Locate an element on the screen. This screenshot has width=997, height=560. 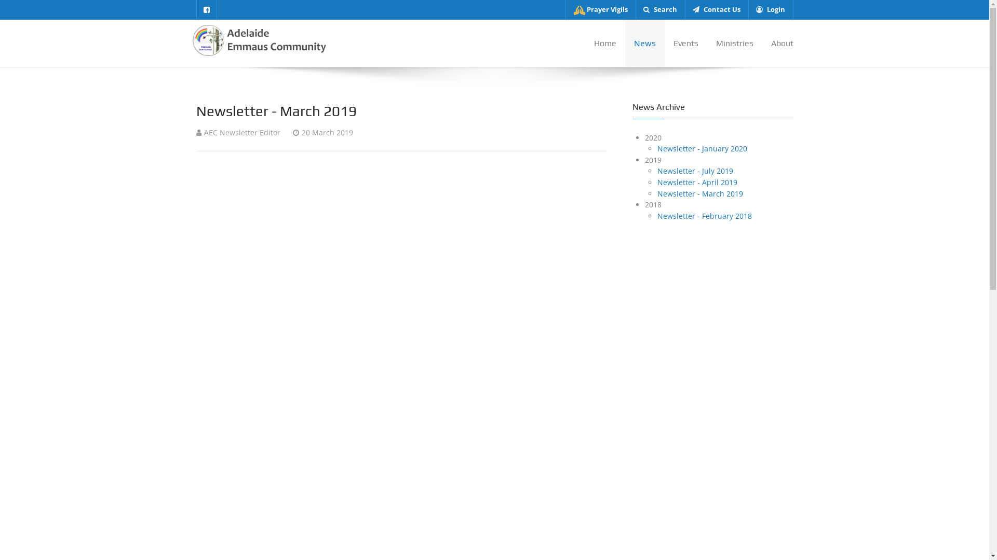
'Newsletter - January 2020' is located at coordinates (657, 148).